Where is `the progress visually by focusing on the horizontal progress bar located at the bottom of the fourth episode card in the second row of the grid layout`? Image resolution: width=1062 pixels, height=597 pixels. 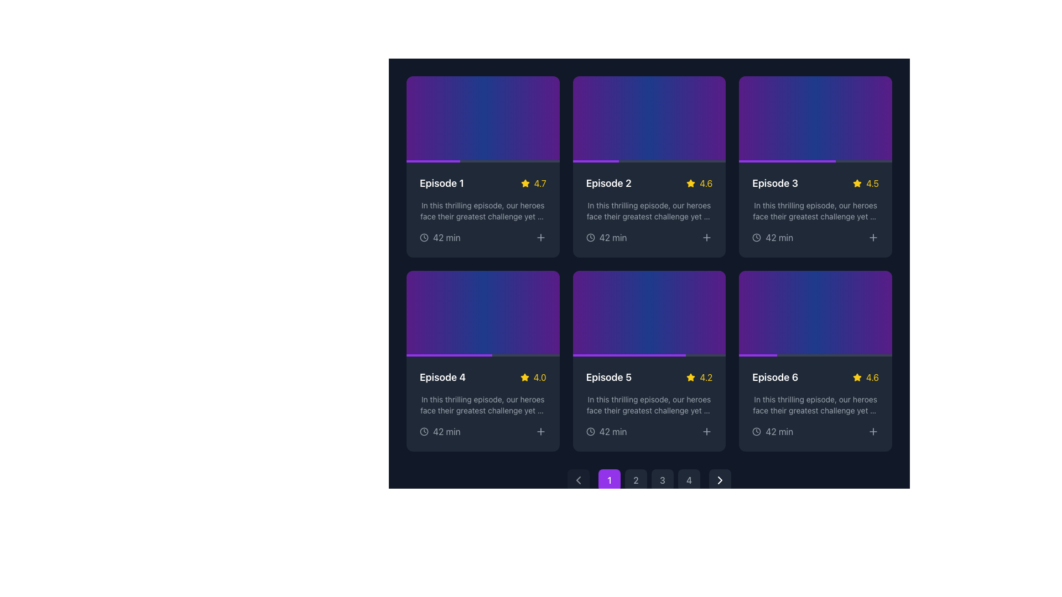
the progress visually by focusing on the horizontal progress bar located at the bottom of the fourth episode card in the second row of the grid layout is located at coordinates (483, 355).